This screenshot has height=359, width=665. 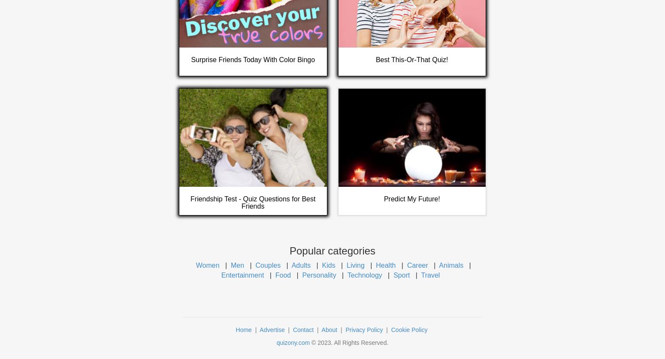 I want to click on 'Surprise Friends Today With Color Bingo', so click(x=253, y=59).